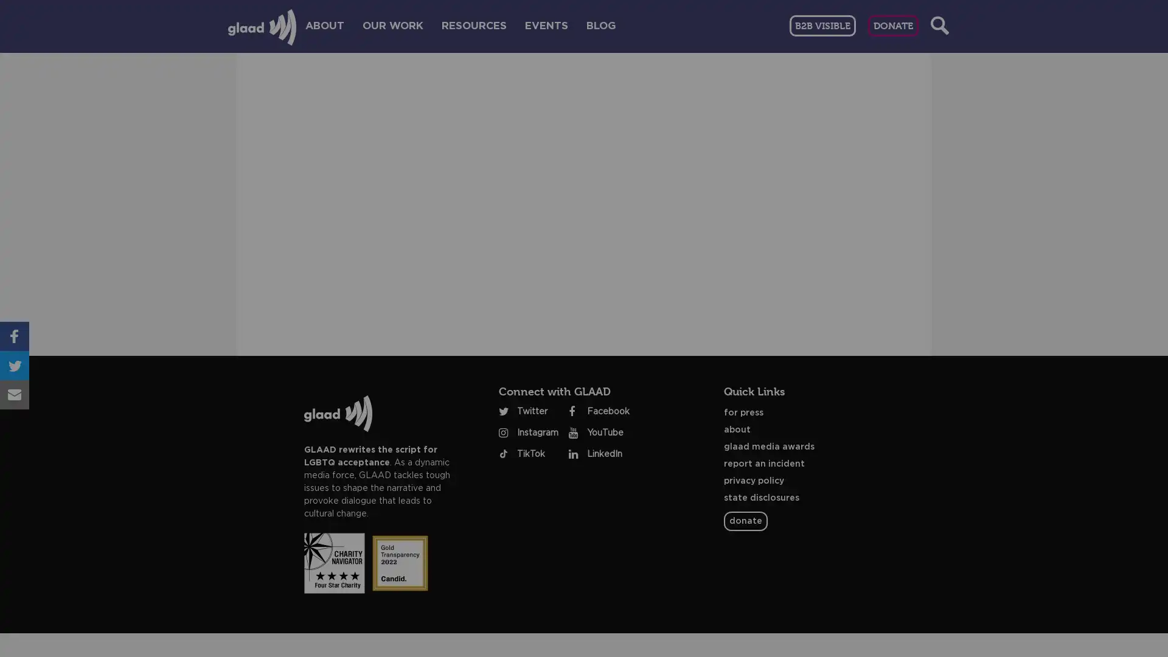  Describe the element at coordinates (888, 144) in the screenshot. I see `Close` at that location.